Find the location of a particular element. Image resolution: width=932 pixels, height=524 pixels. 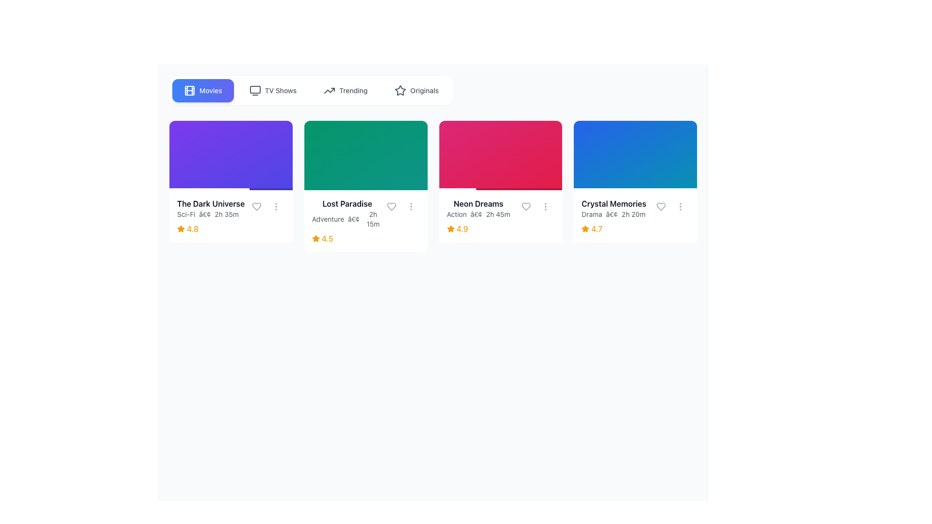

the percentage completion of the progress bar located at the bottom of the first card titled 'The Dark Universe' with a purple background is located at coordinates (230, 189).